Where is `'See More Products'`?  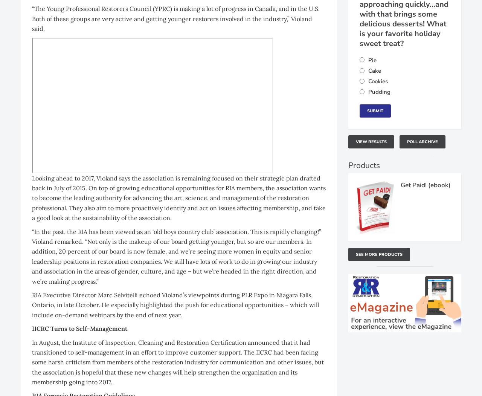 'See More Products' is located at coordinates (379, 254).